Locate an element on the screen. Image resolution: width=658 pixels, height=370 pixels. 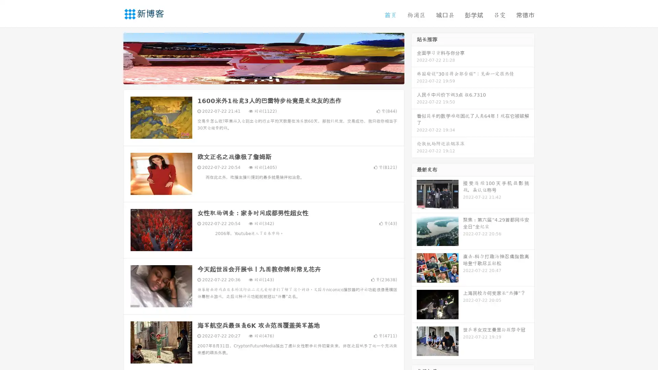
Go to slide 1 is located at coordinates (256, 77).